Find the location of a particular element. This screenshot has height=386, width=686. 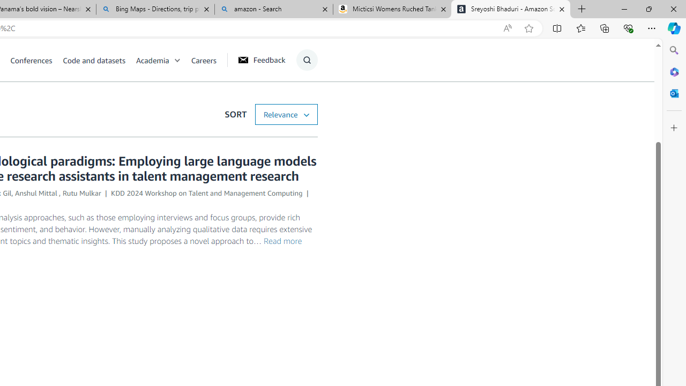

'Sreyoshi Bhaduri - Amazon Science' is located at coordinates (510, 9).